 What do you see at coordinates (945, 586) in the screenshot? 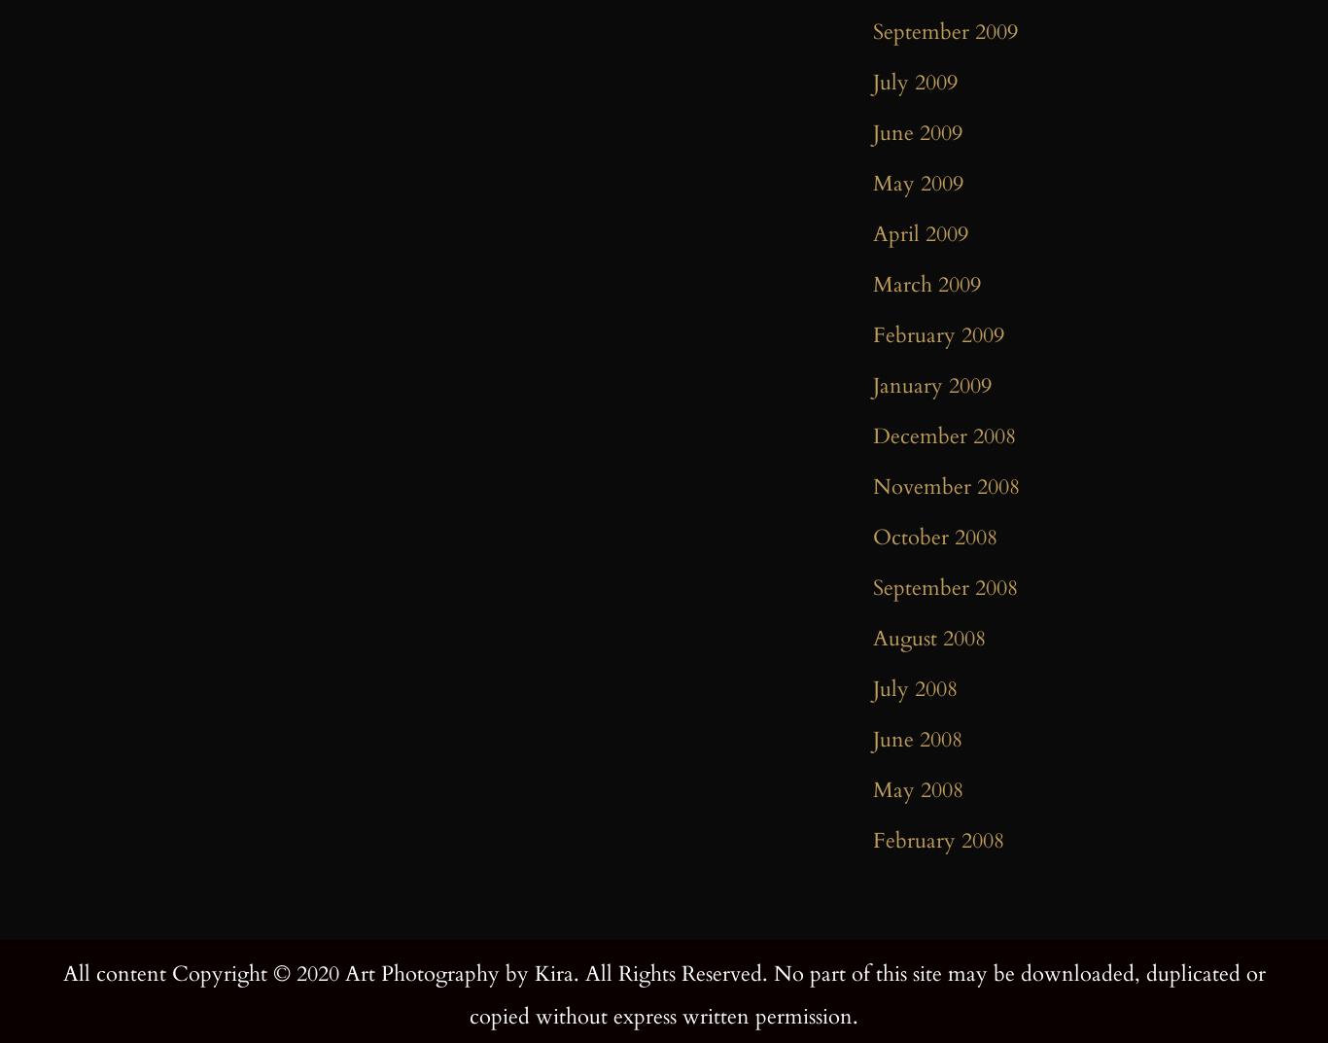
I see `'September 2008'` at bounding box center [945, 586].